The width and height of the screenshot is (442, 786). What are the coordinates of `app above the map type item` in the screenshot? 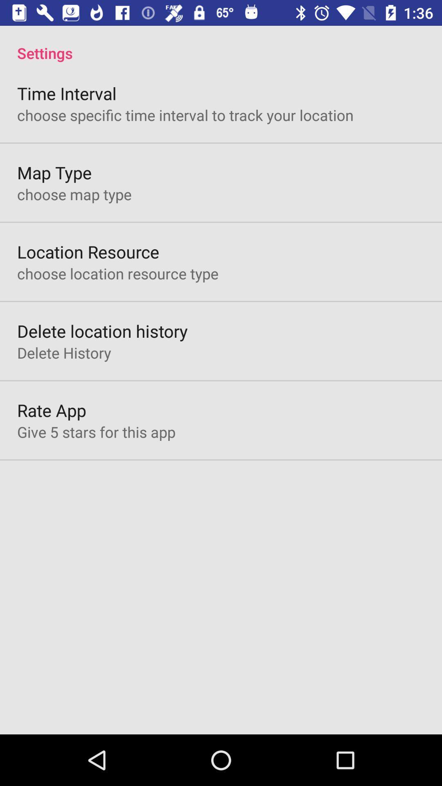 It's located at (185, 115).